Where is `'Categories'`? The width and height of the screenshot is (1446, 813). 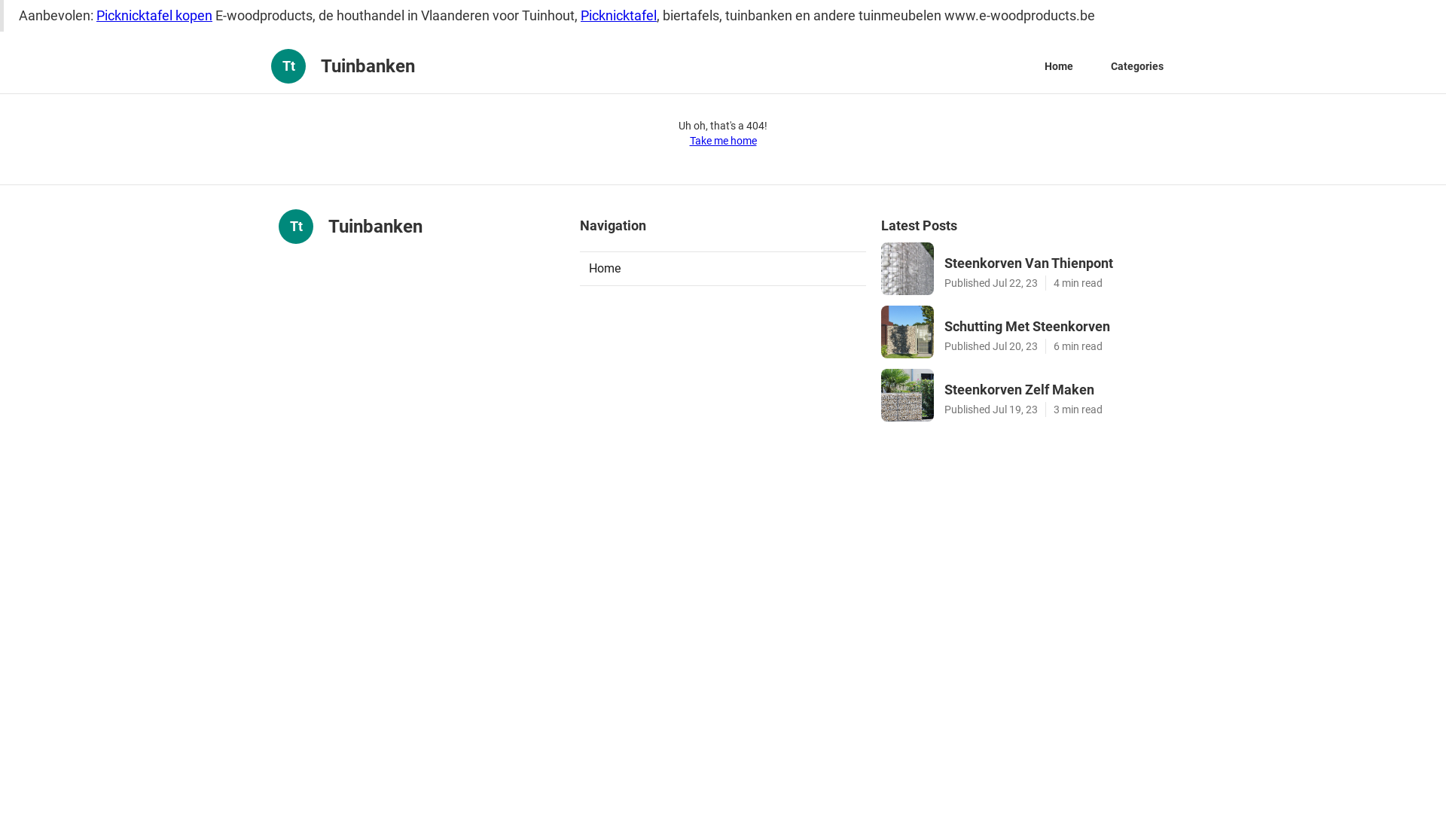
'Categories' is located at coordinates (1137, 65).